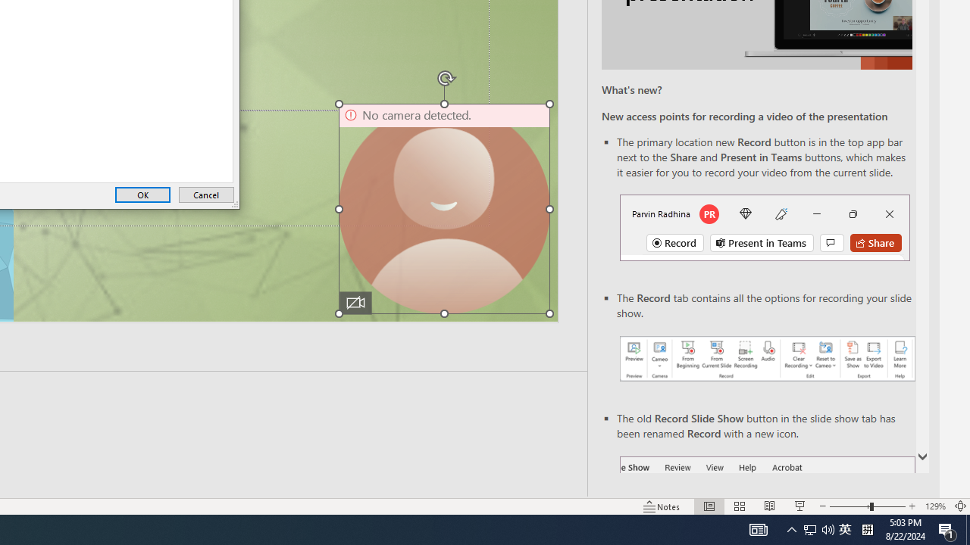  I want to click on 'OK', so click(142, 194).